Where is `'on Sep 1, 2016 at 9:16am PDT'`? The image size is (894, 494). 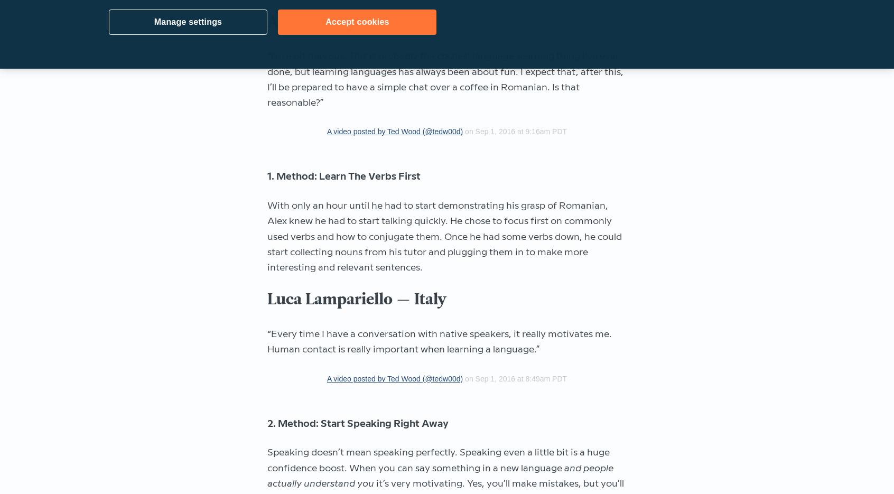 'on Sep 1, 2016 at 9:16am PDT' is located at coordinates (462, 131).